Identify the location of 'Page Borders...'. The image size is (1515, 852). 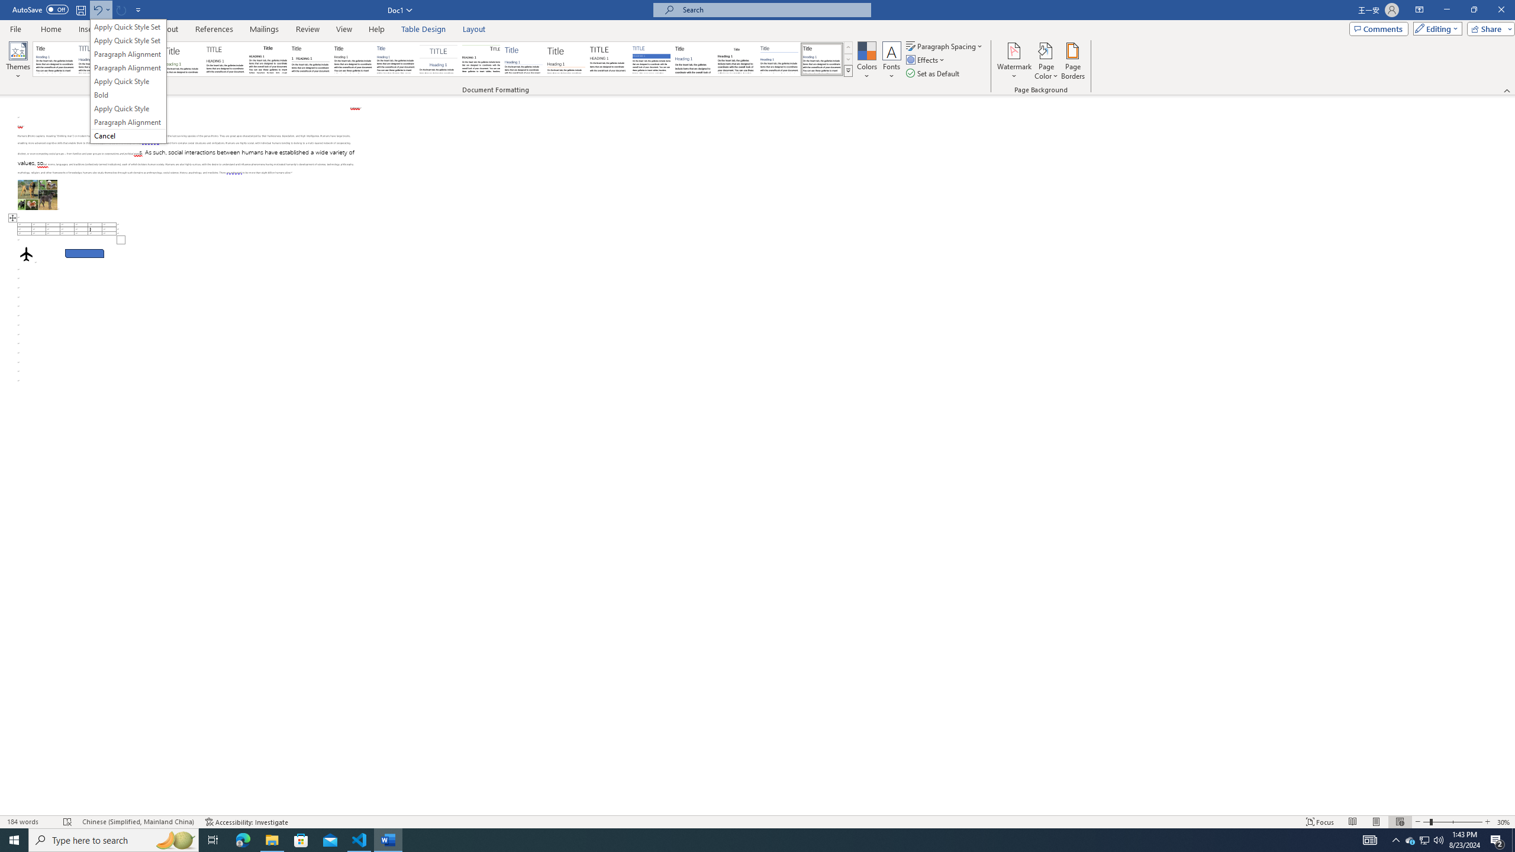
(1073, 61).